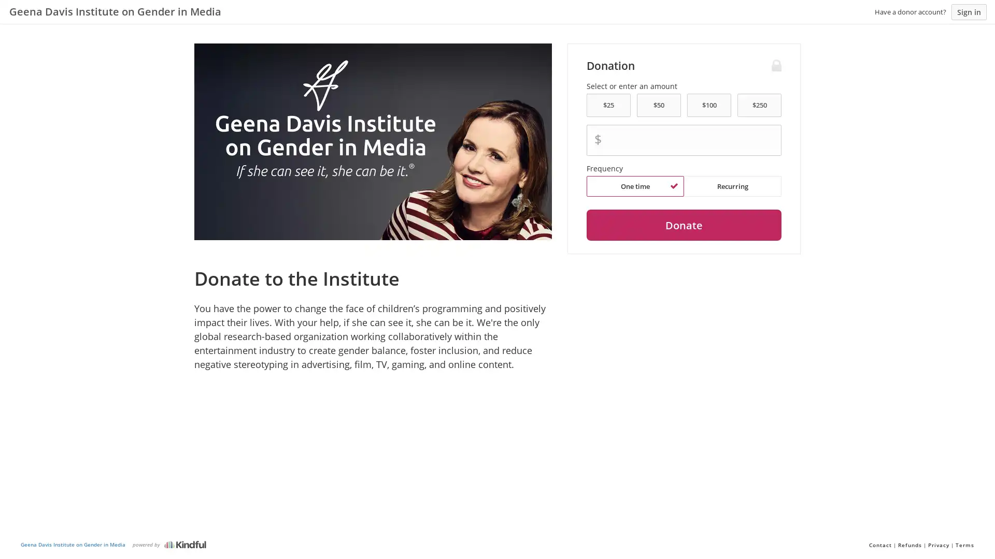 The height and width of the screenshot is (559, 995). What do you see at coordinates (608, 105) in the screenshot?
I see `$25` at bounding box center [608, 105].